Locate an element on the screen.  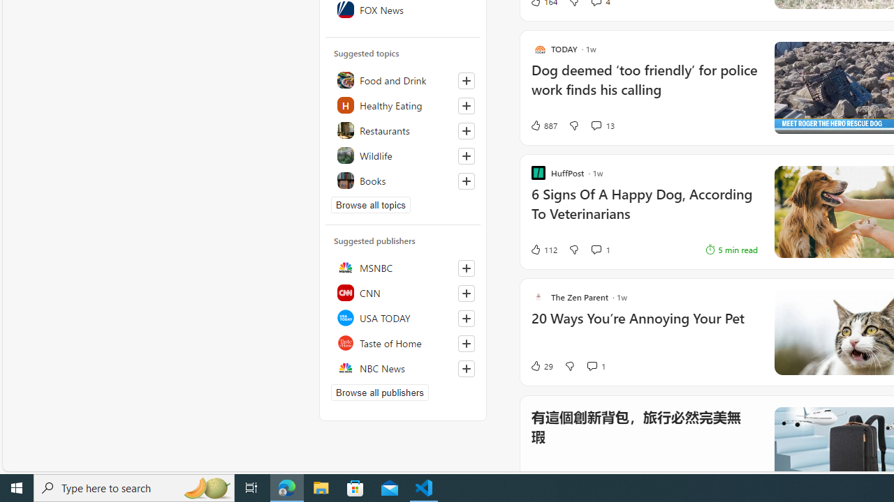
'Restaurants' is located at coordinates (402, 130).